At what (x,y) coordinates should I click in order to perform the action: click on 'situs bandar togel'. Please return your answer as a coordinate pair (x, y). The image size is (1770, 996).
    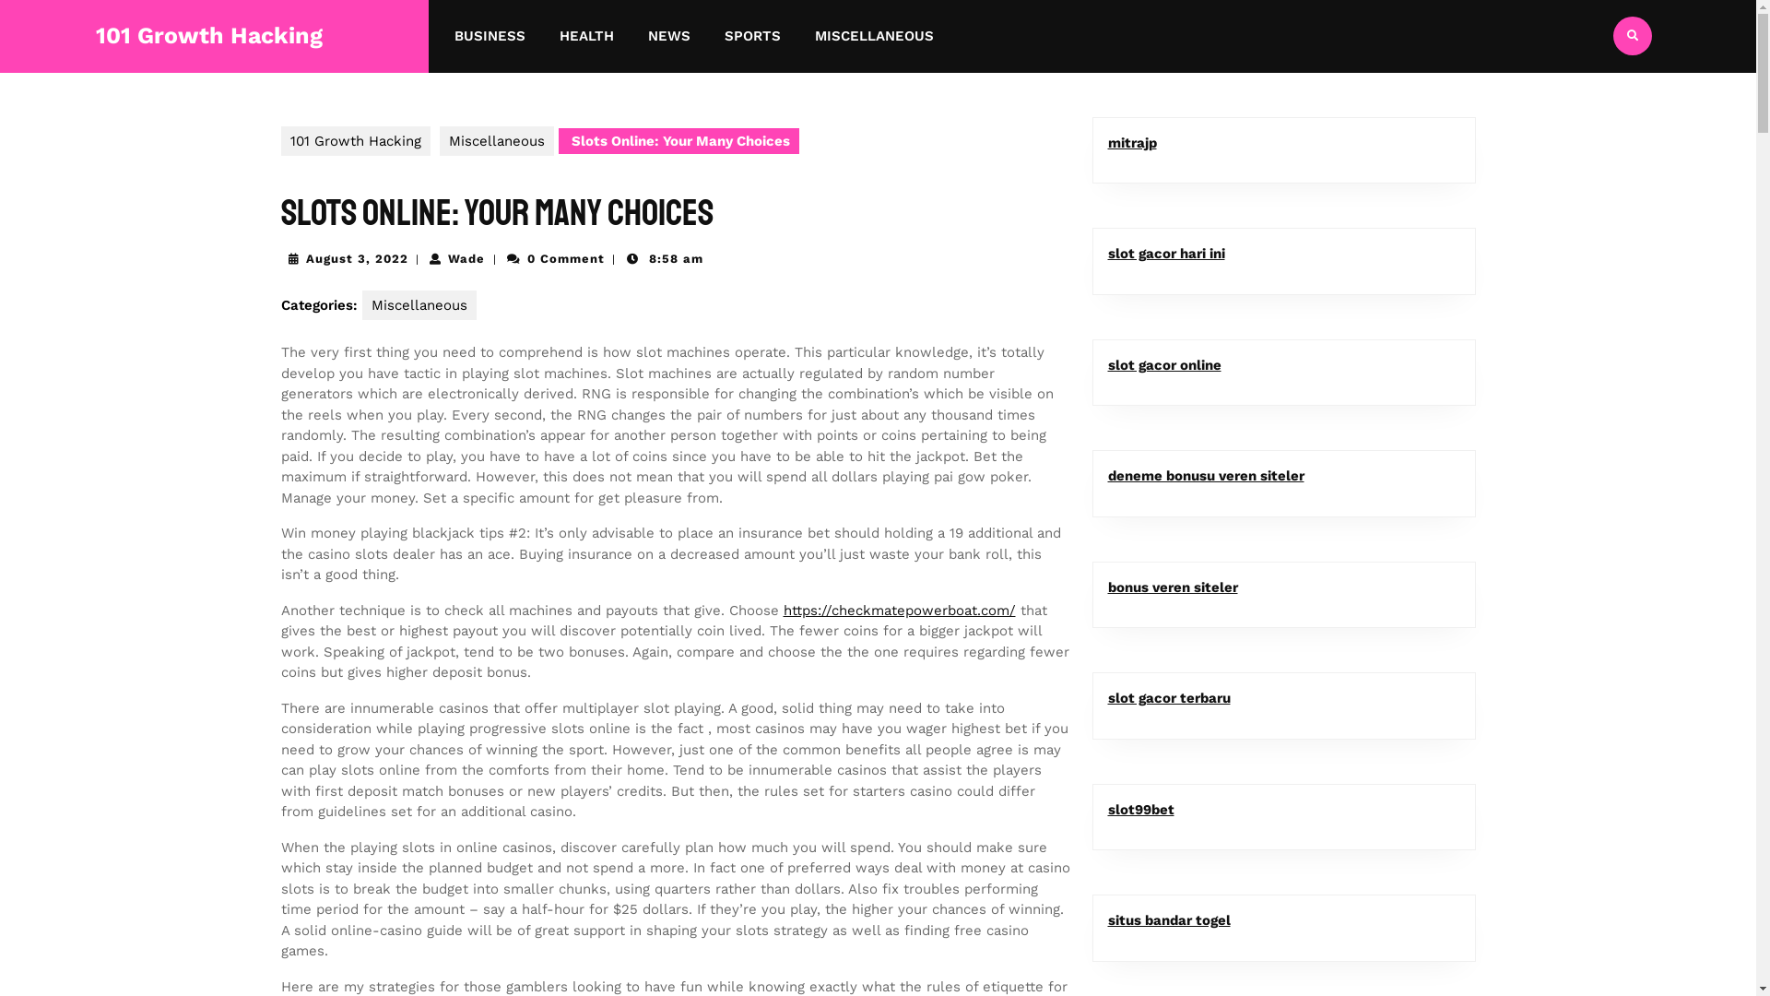
    Looking at the image, I should click on (1168, 920).